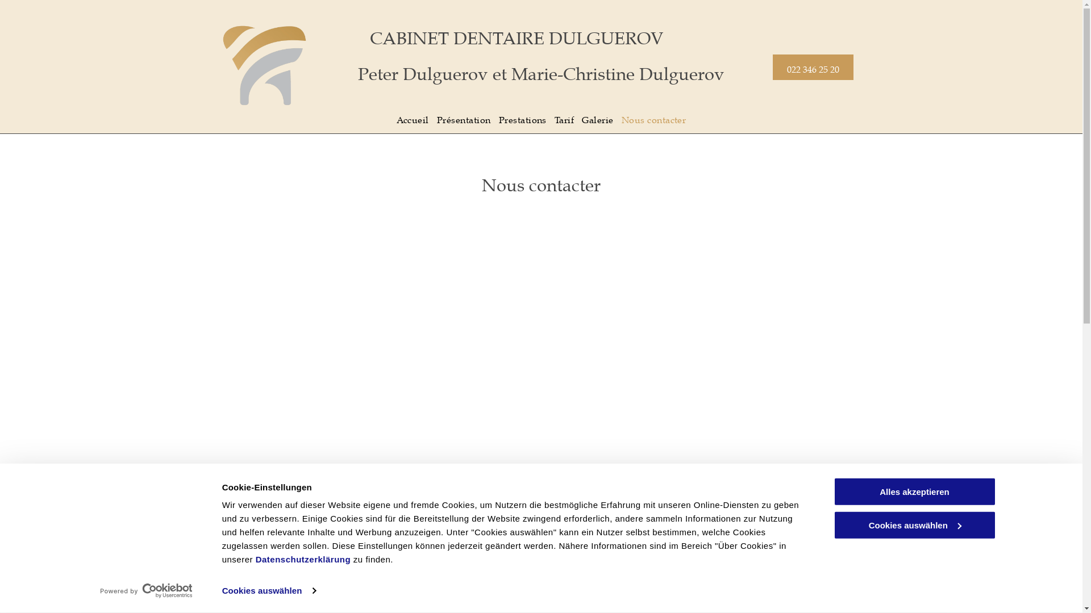  I want to click on 'Alles akzeptieren', so click(914, 491).